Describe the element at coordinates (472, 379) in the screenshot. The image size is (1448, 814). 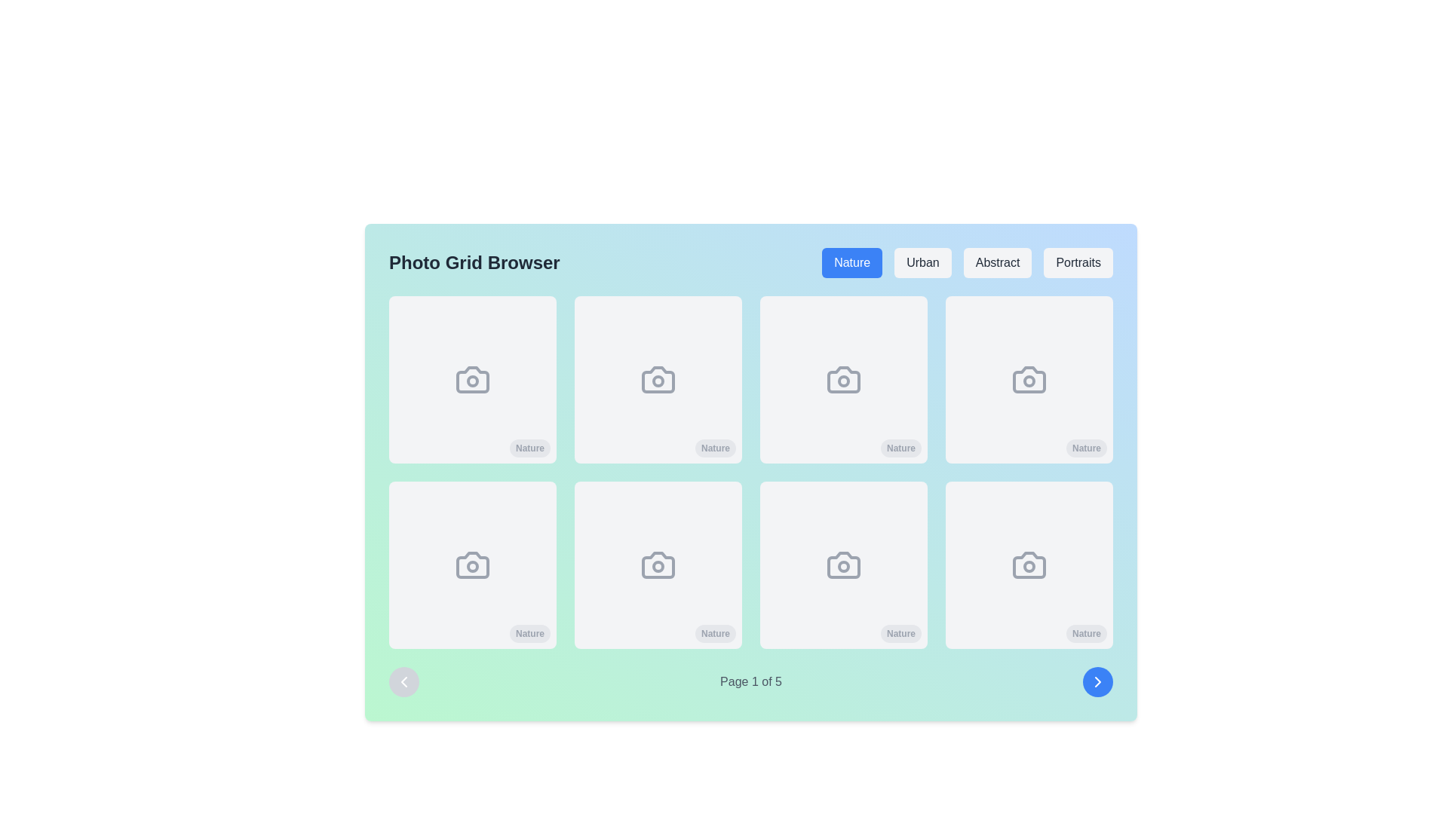
I see `the Card item labeled 'Nature' in the first row, first column of the grid layout` at that location.